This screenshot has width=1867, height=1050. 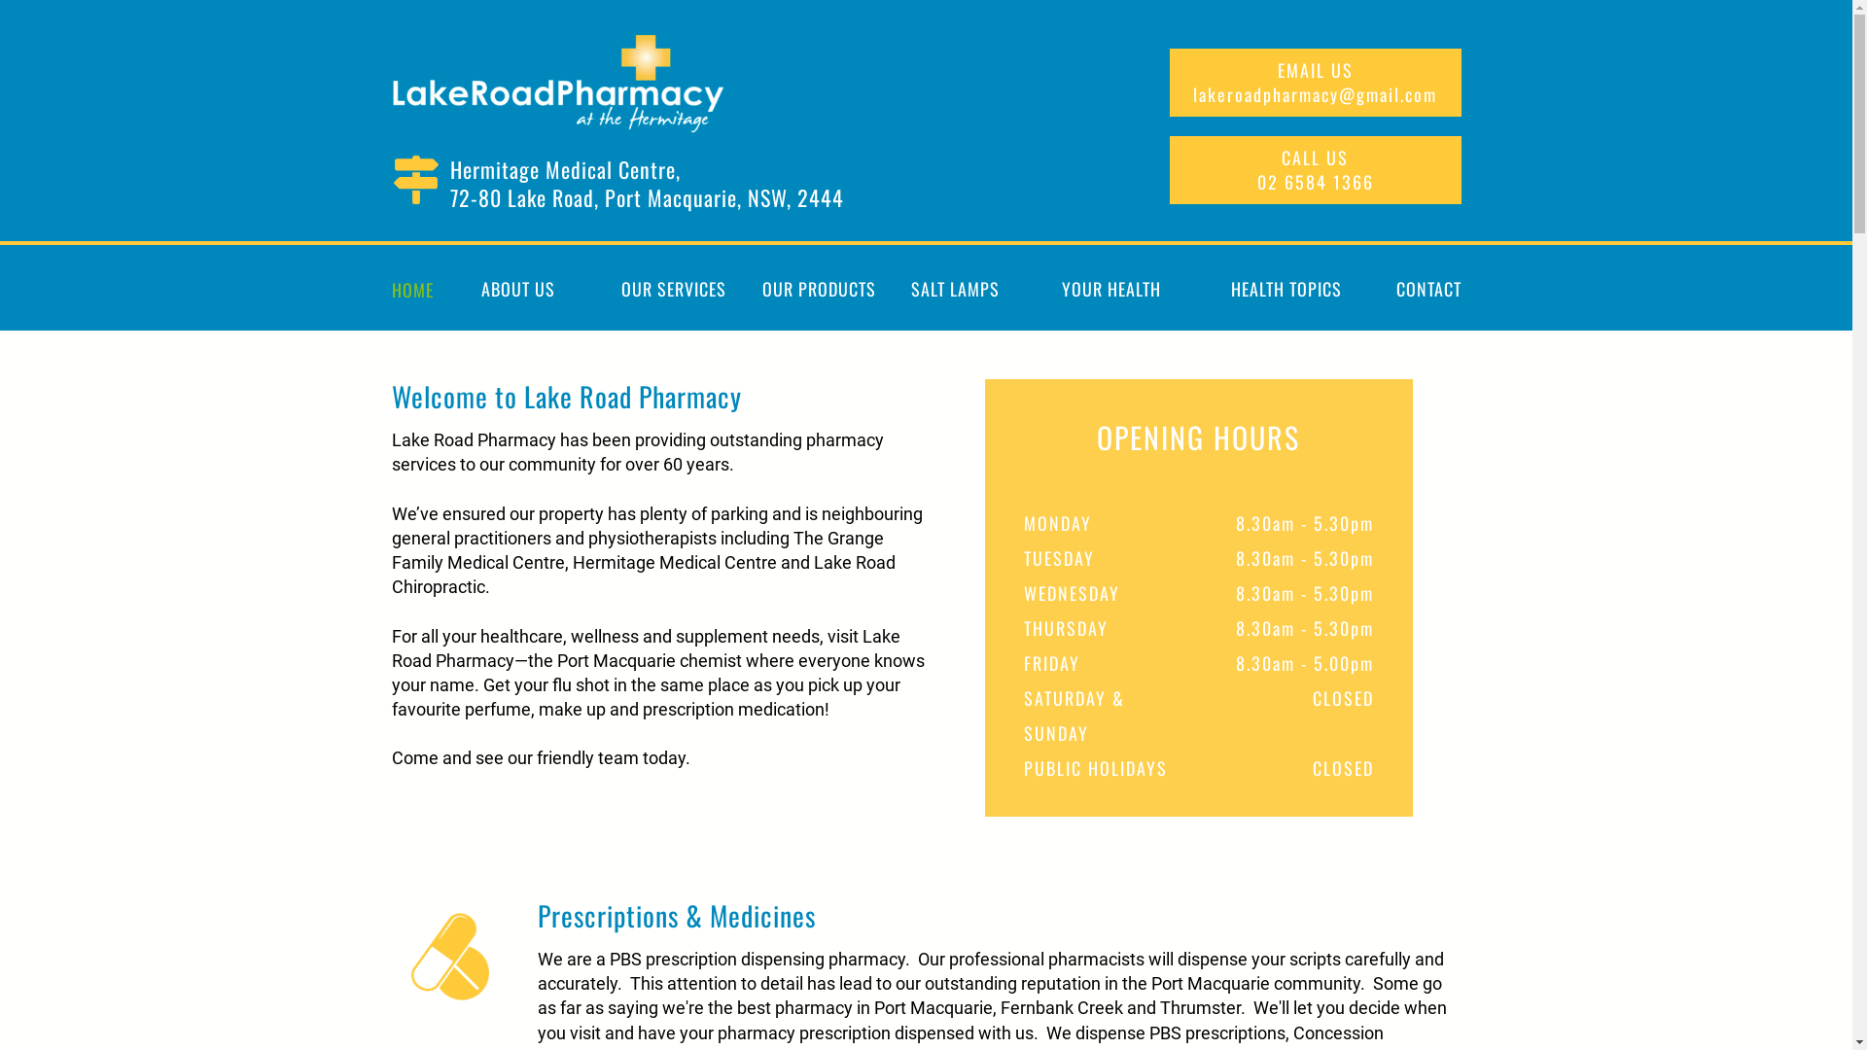 What do you see at coordinates (672, 289) in the screenshot?
I see `'OUR SERVICES'` at bounding box center [672, 289].